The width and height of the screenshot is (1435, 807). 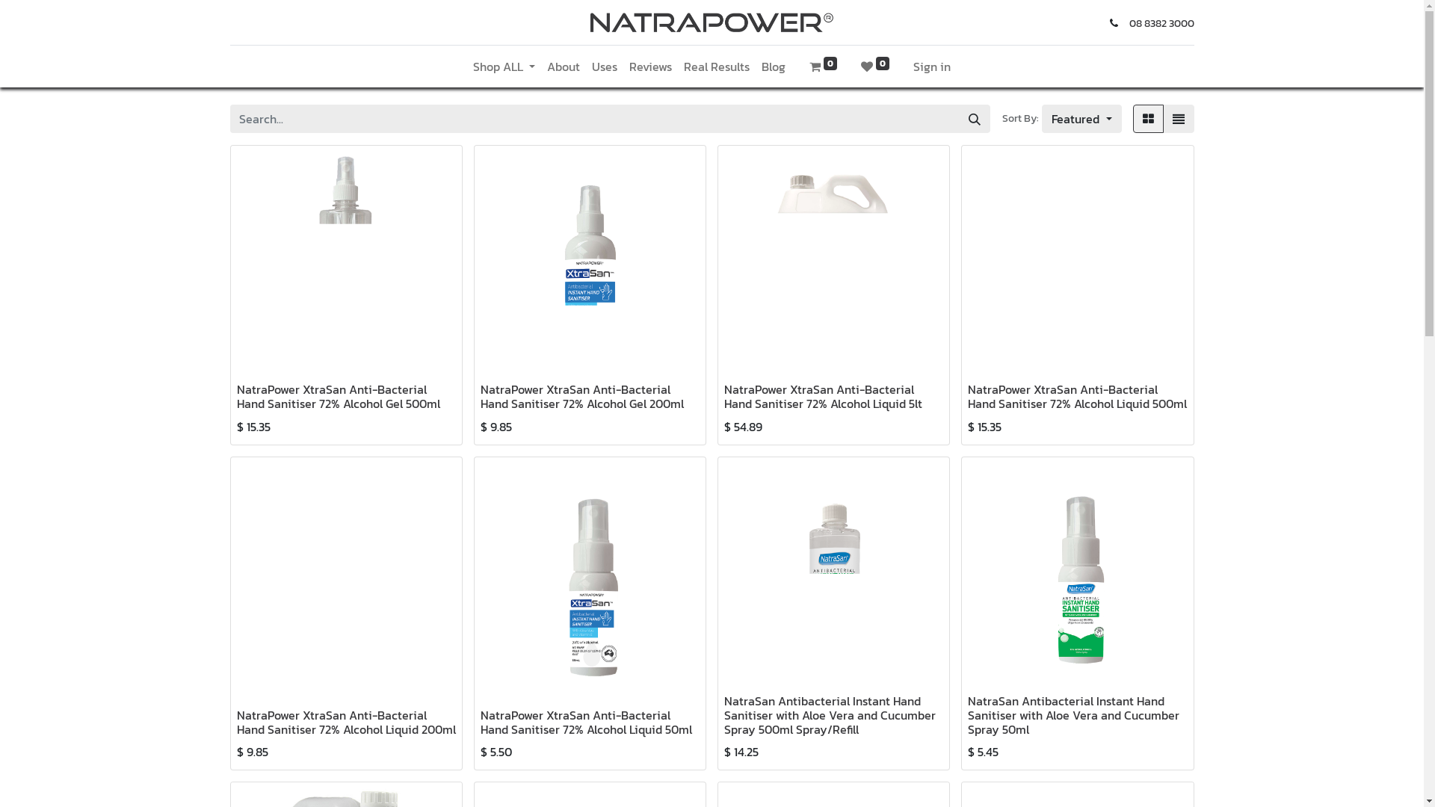 What do you see at coordinates (562, 65) in the screenshot?
I see `'About'` at bounding box center [562, 65].